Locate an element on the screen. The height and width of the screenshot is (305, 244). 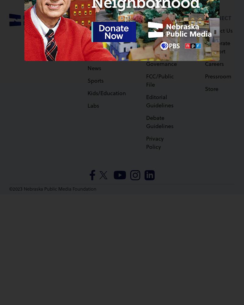
'Connect' is located at coordinates (217, 17).